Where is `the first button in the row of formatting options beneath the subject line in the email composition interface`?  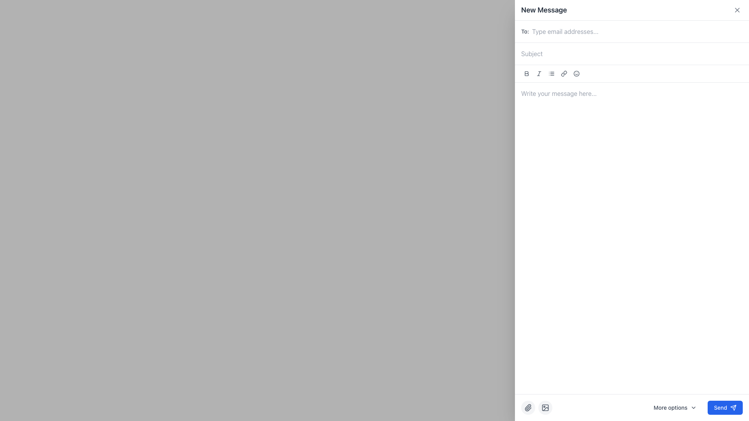 the first button in the row of formatting options beneath the subject line in the email composition interface is located at coordinates (526, 74).